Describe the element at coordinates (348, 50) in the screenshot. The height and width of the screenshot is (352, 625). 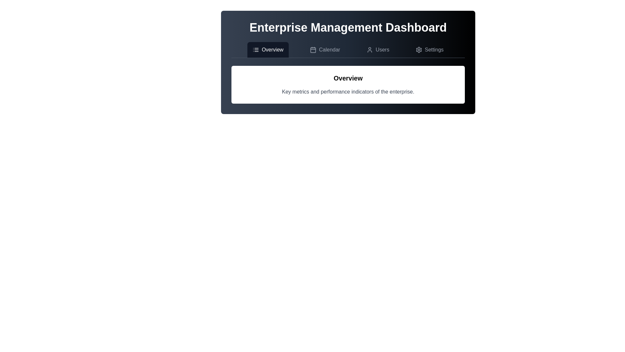
I see `the navigation bar located beneath the 'Enterprise Management Dashboard' title for keyboard navigation` at that location.